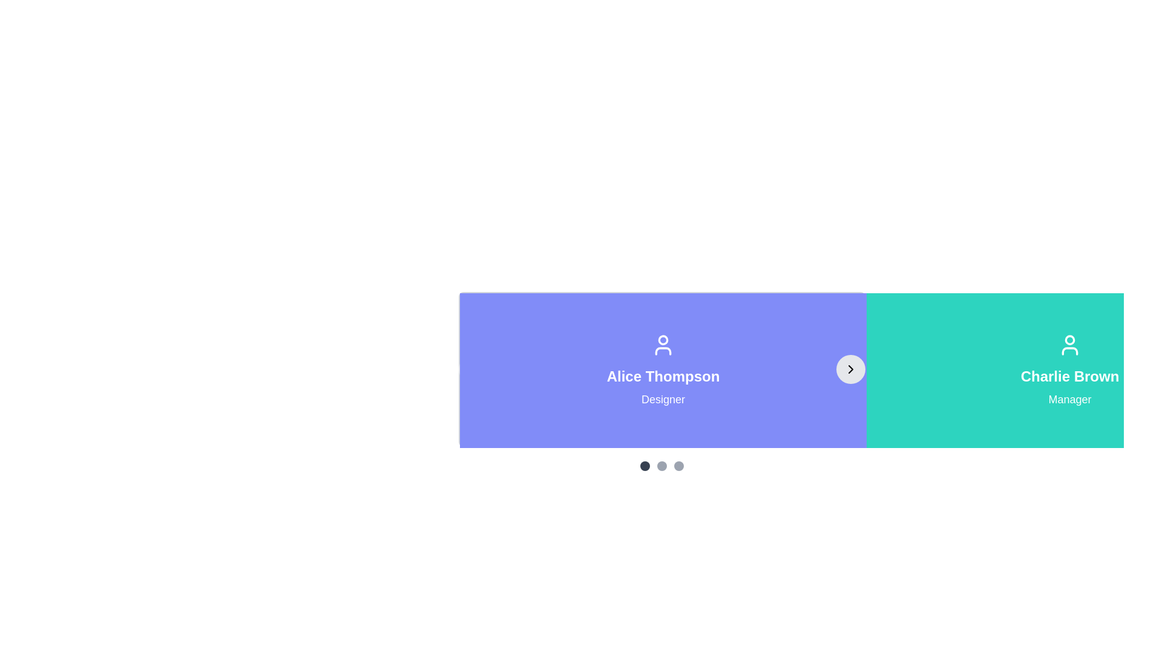  Describe the element at coordinates (661, 368) in the screenshot. I see `the user profile Card element` at that location.